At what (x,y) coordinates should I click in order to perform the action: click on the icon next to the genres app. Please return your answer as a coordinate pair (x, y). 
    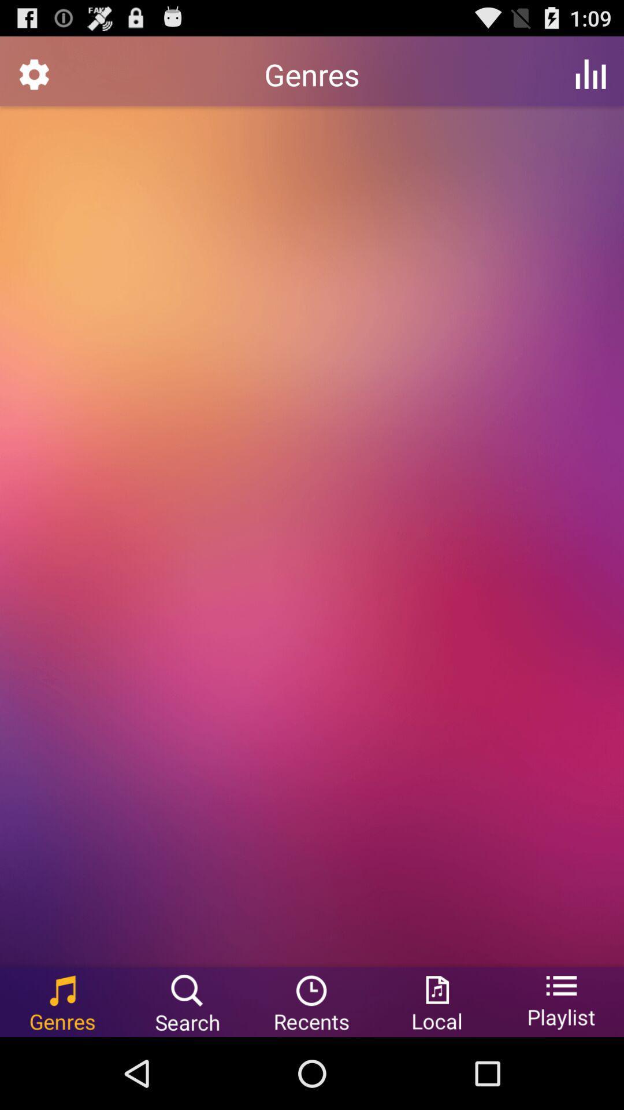
    Looking at the image, I should click on (590, 73).